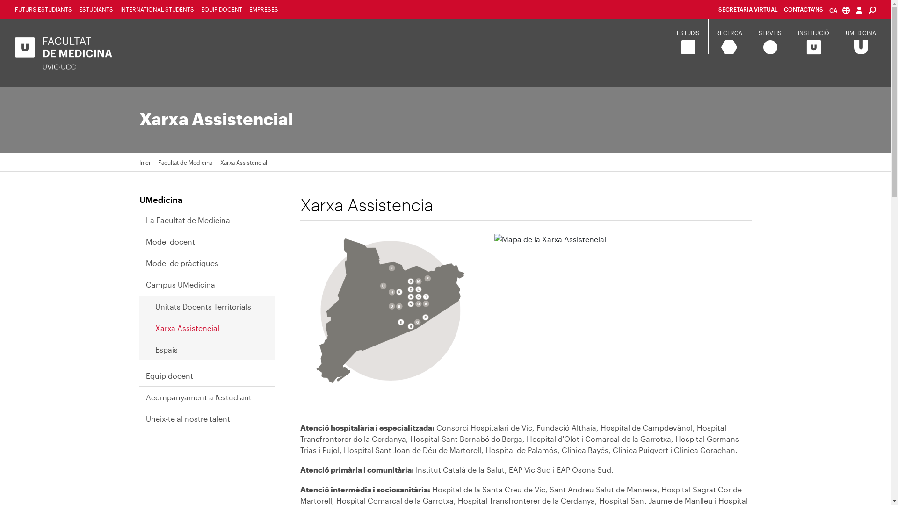 The height and width of the screenshot is (505, 898). Describe the element at coordinates (861, 32) in the screenshot. I see `'UMEDICINA'` at that location.